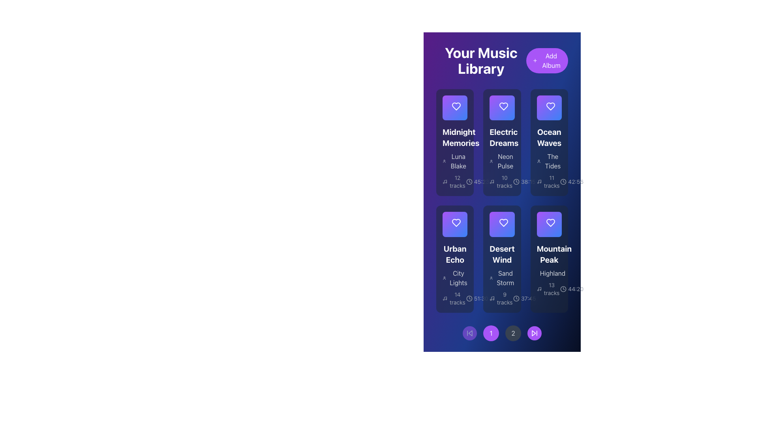 This screenshot has width=758, height=426. I want to click on the title text of the album or playlist card, which is located at the bottom row, third card from the left, and is directly above the subtitle 'Highland', so click(549, 254).